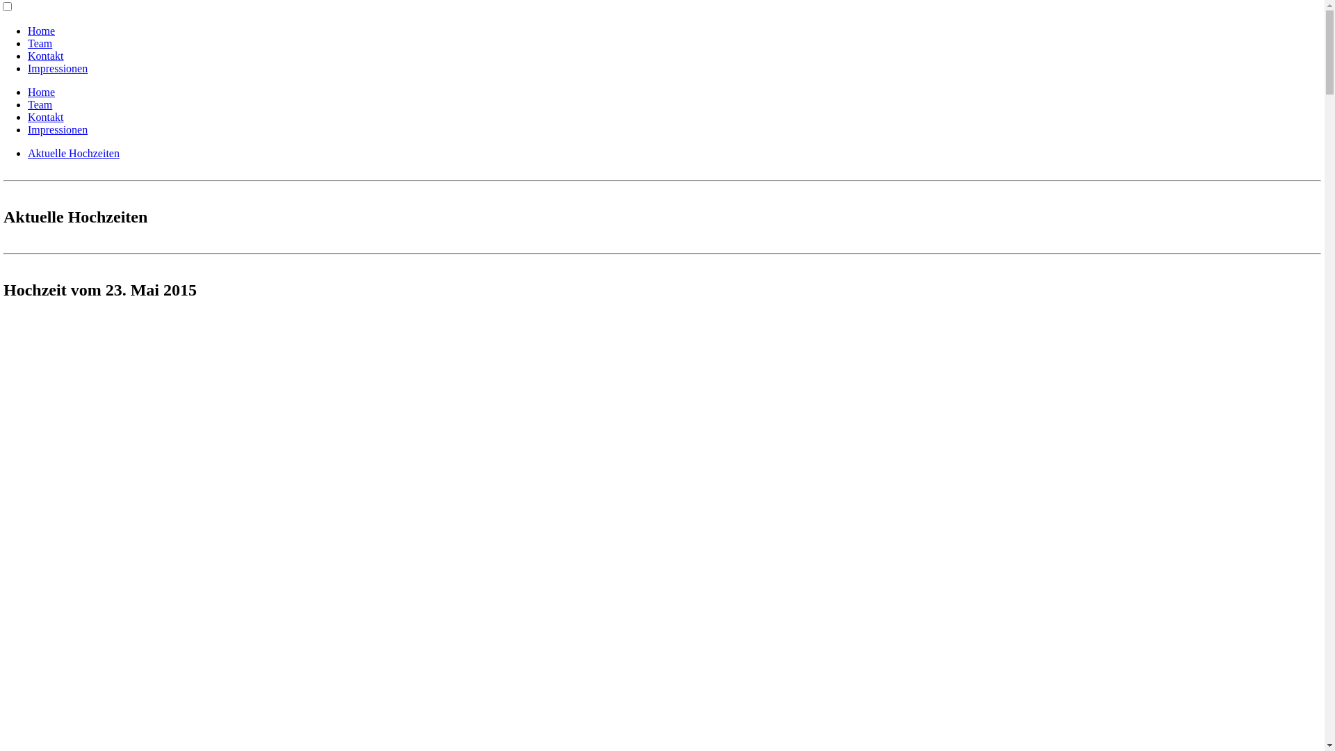  I want to click on 'Home', so click(41, 31).